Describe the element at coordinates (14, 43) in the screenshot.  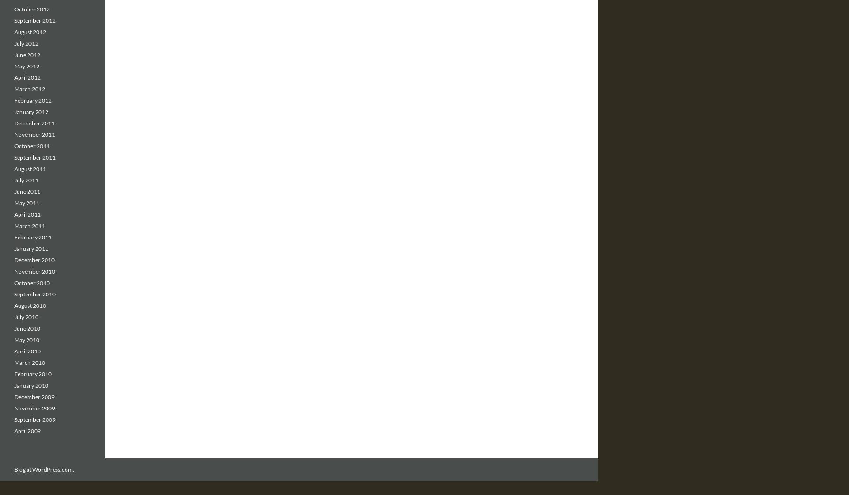
I see `'July 2012'` at that location.